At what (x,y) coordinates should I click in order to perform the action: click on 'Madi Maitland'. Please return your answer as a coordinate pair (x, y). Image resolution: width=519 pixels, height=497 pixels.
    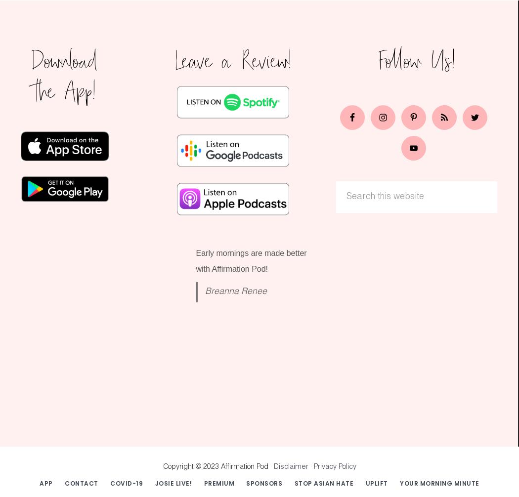
    Looking at the image, I should click on (228, 385).